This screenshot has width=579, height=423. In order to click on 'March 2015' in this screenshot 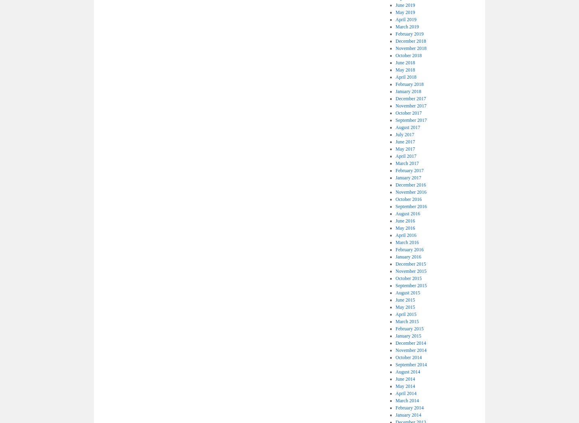, I will do `click(407, 321)`.